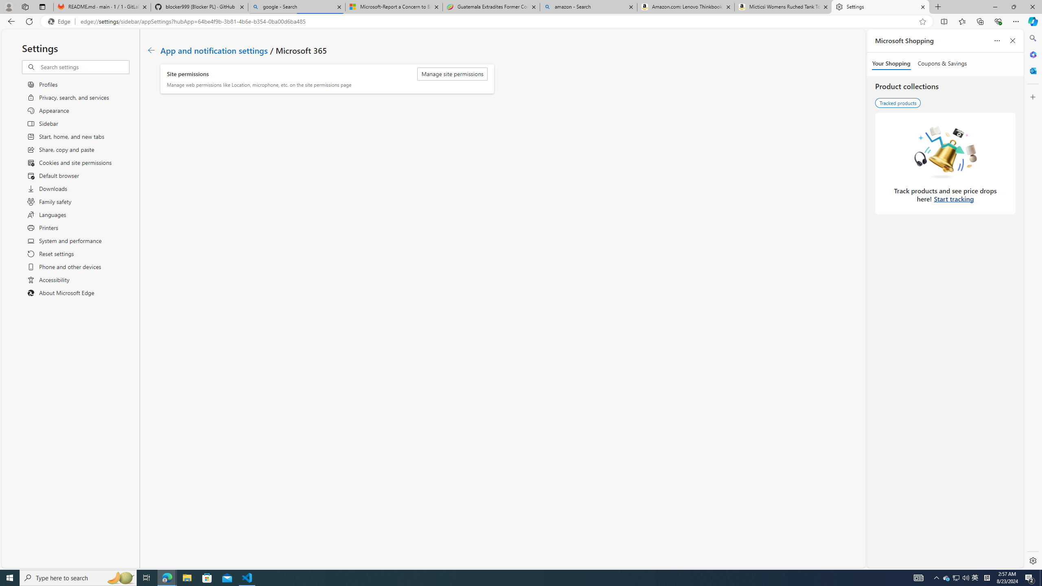 Image resolution: width=1042 pixels, height=586 pixels. Describe the element at coordinates (60, 22) in the screenshot. I see `'Edge'` at that location.